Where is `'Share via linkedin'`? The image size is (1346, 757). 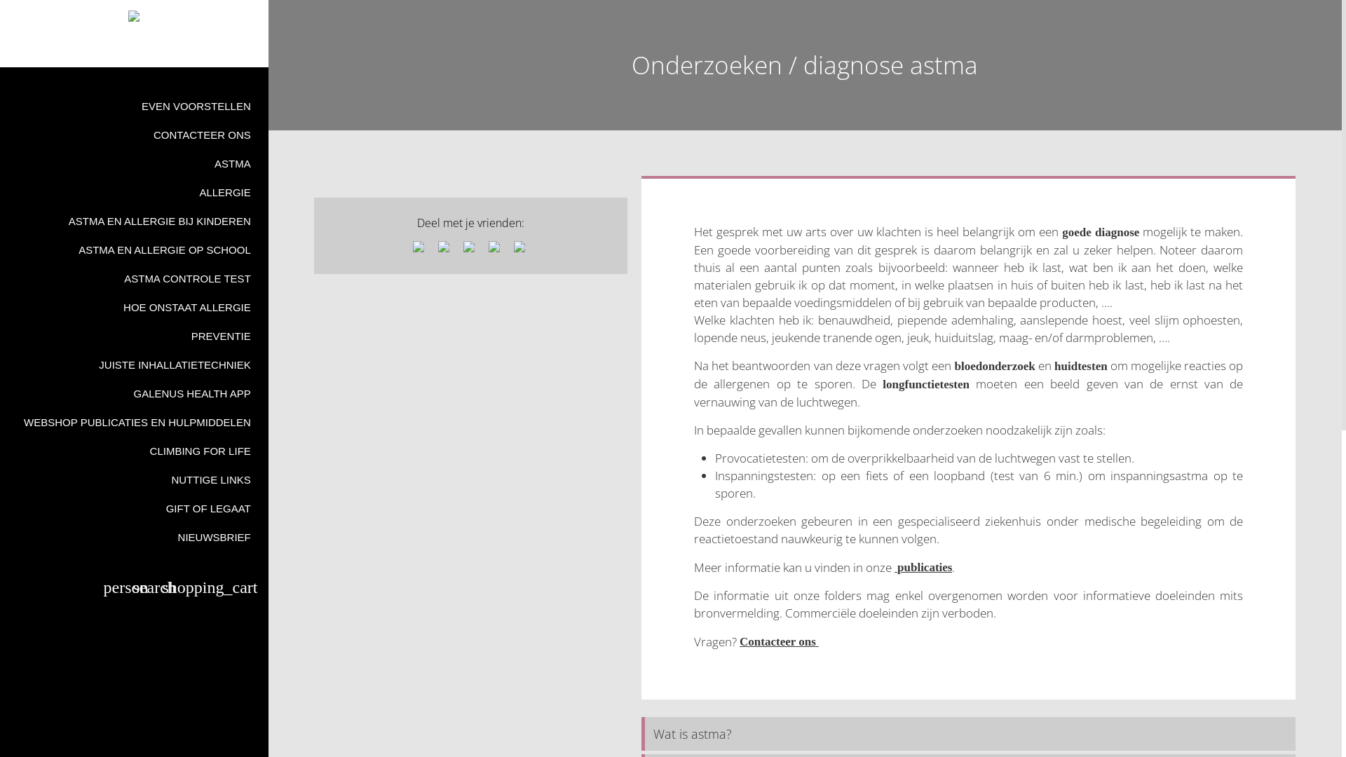
'Share via linkedin' is located at coordinates (471, 247).